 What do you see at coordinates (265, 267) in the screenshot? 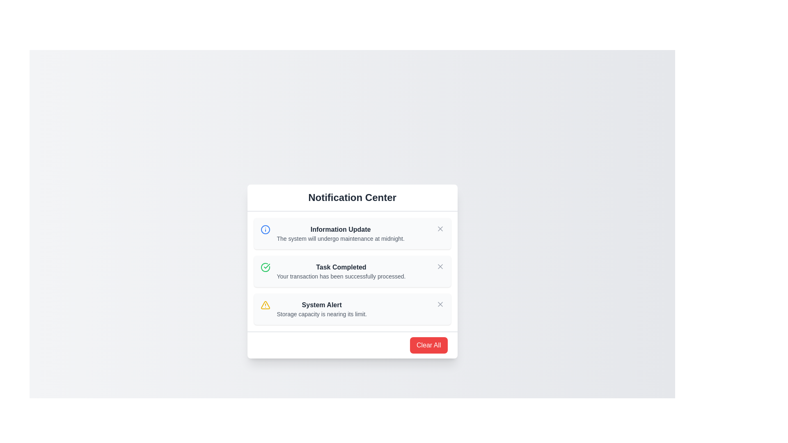
I see `the green checkmark icon within the notification card titled 'Task Completed'` at bounding box center [265, 267].